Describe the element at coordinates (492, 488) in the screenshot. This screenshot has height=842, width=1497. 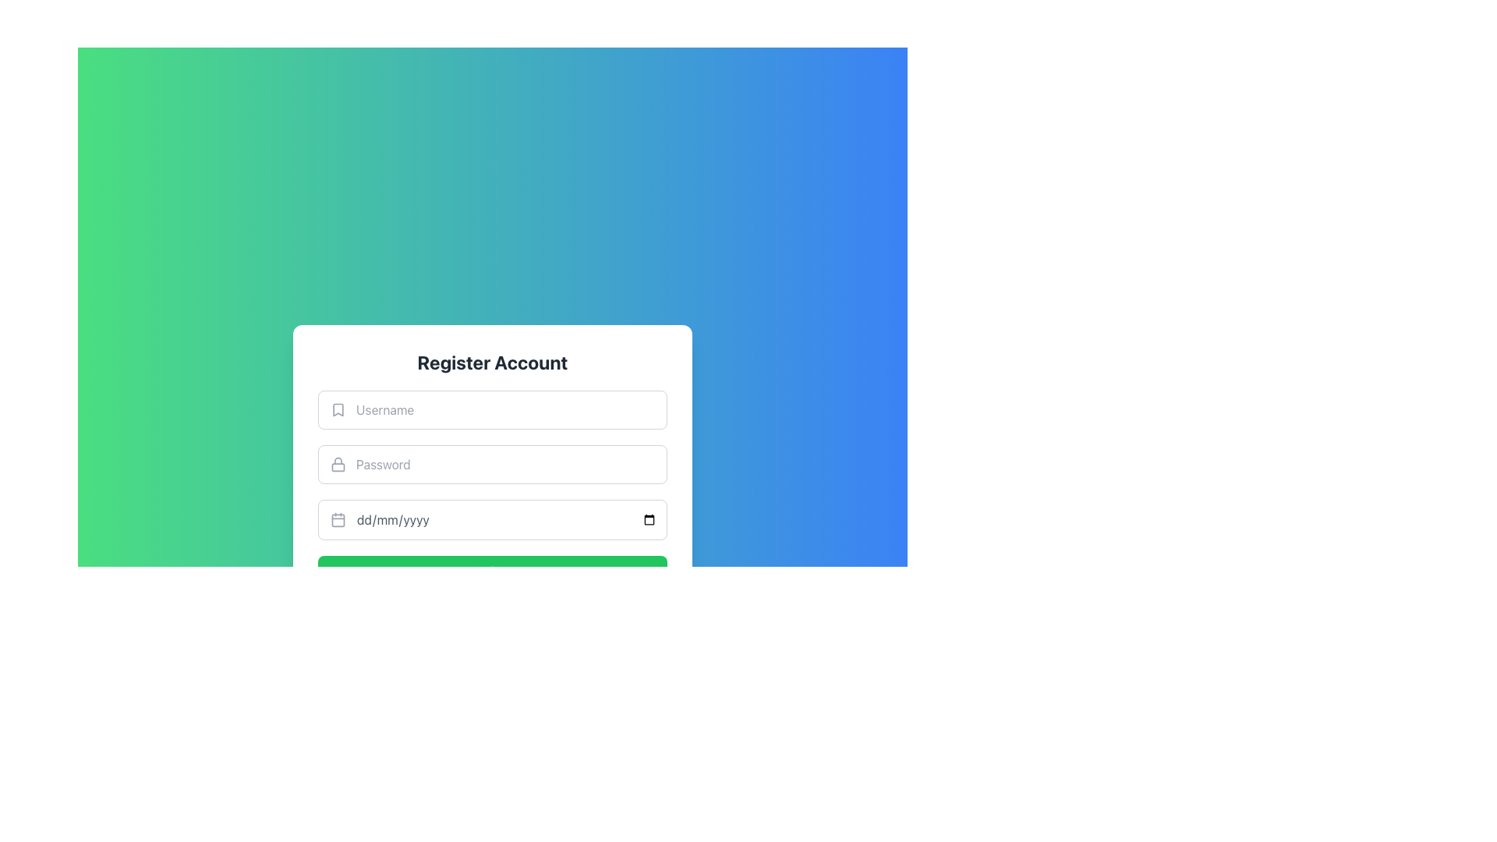
I see `the date input box located below the 'Password' field and above the green 'Register' button in the 'Register Account' form` at that location.